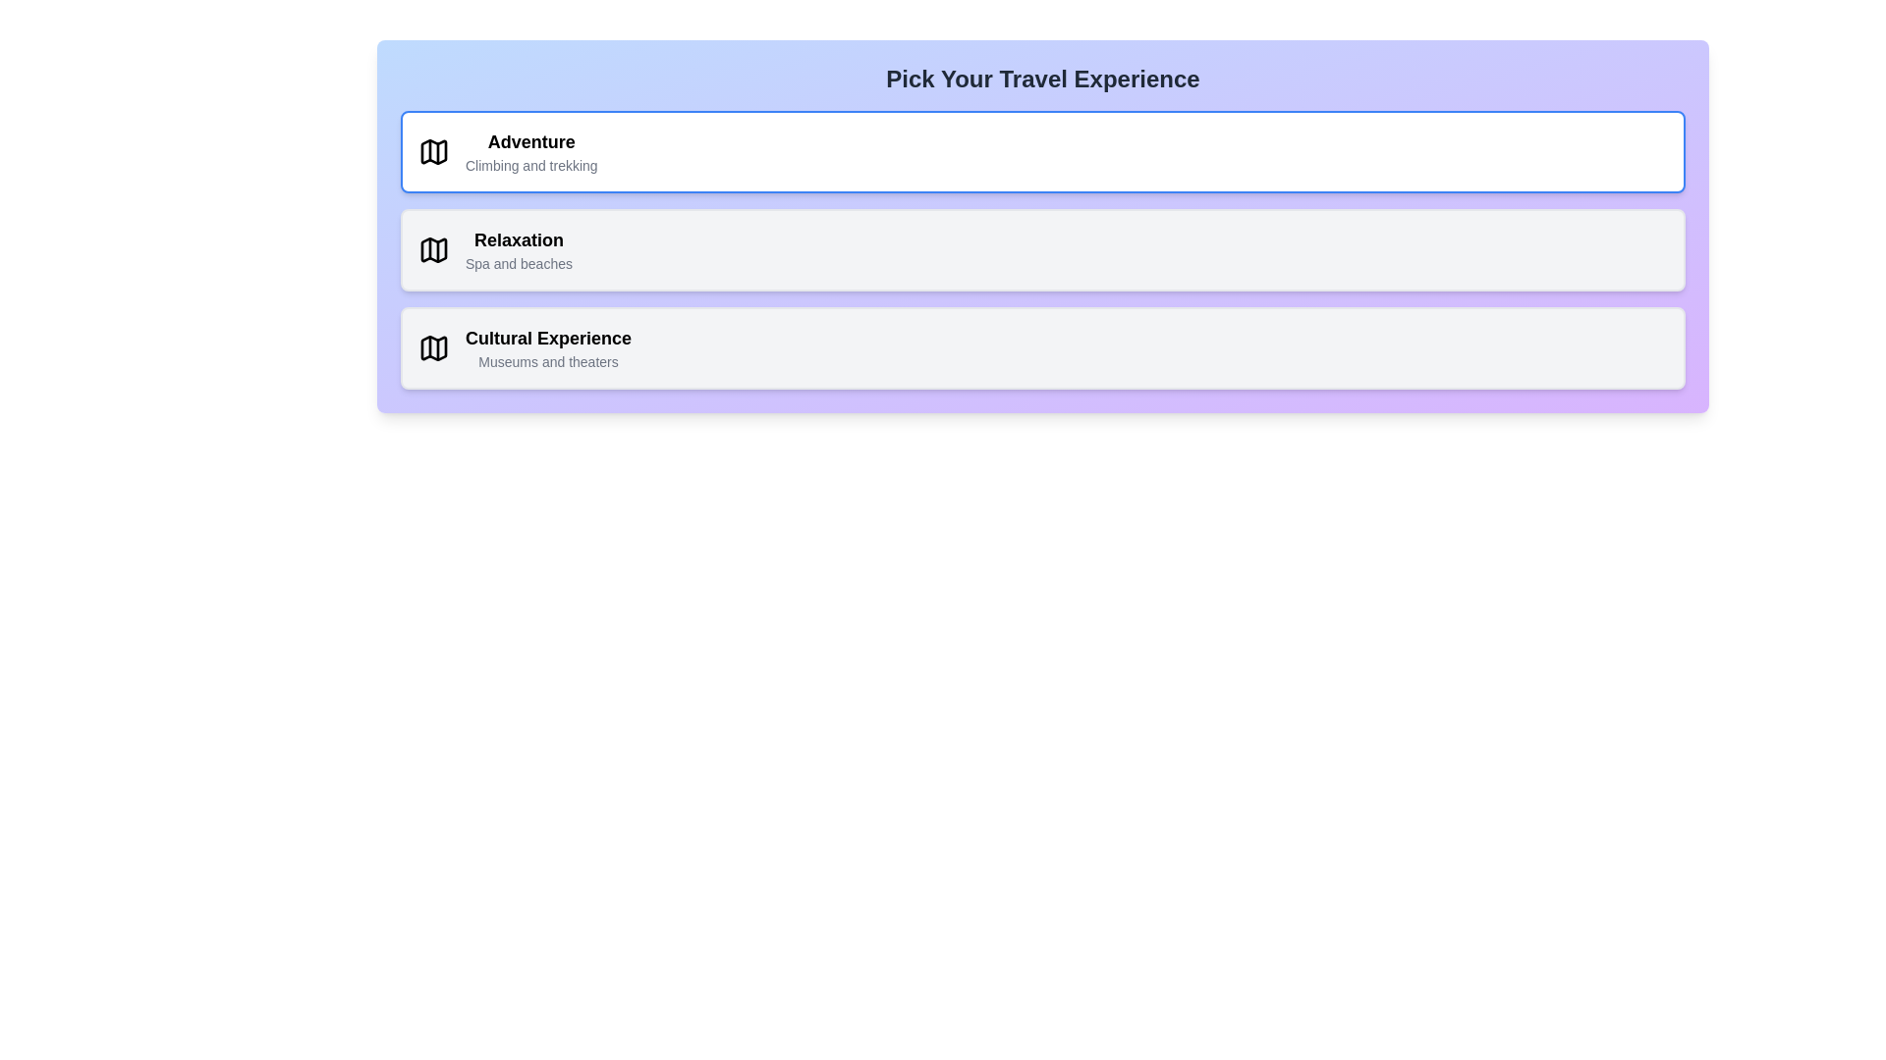  Describe the element at coordinates (548, 346) in the screenshot. I see `the 'Cultural Experience' text display` at that location.